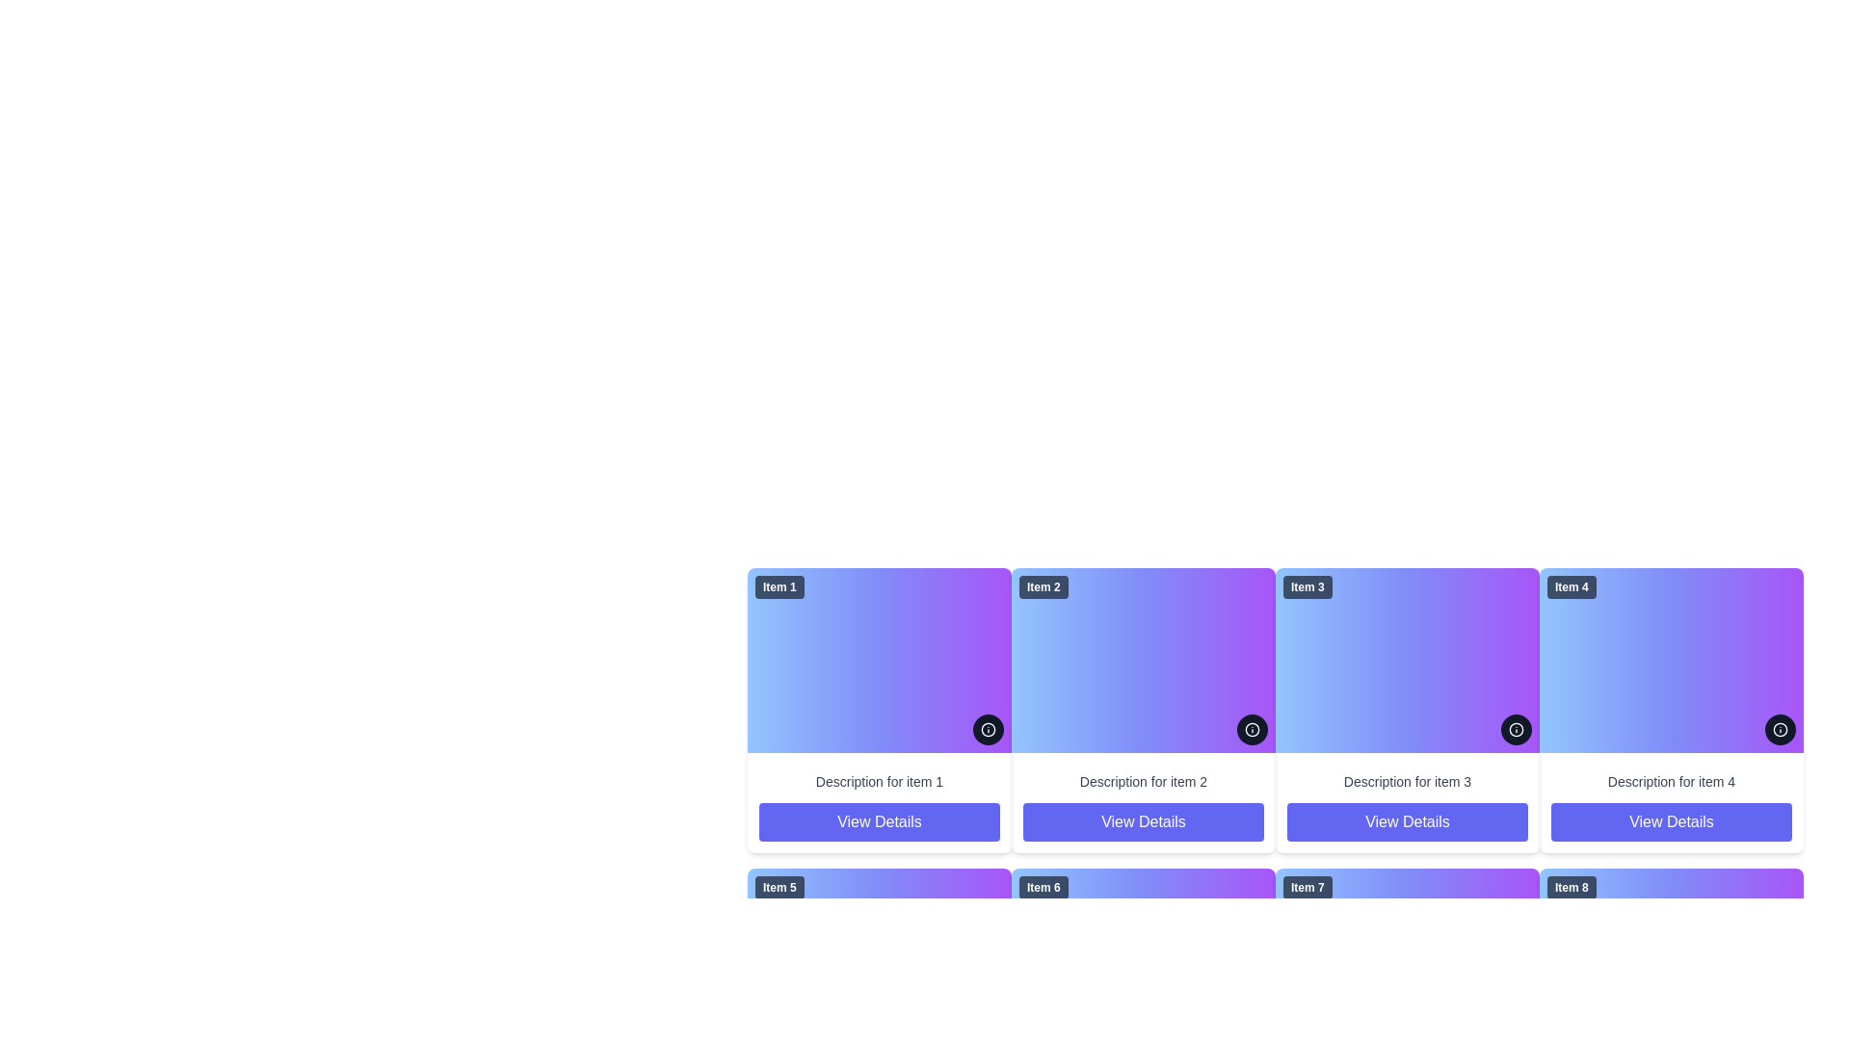 The height and width of the screenshot is (1040, 1850). What do you see at coordinates (1670, 660) in the screenshot?
I see `the fourth Content card in the upper row of the grid, which serves as a visual card element displaying information` at bounding box center [1670, 660].